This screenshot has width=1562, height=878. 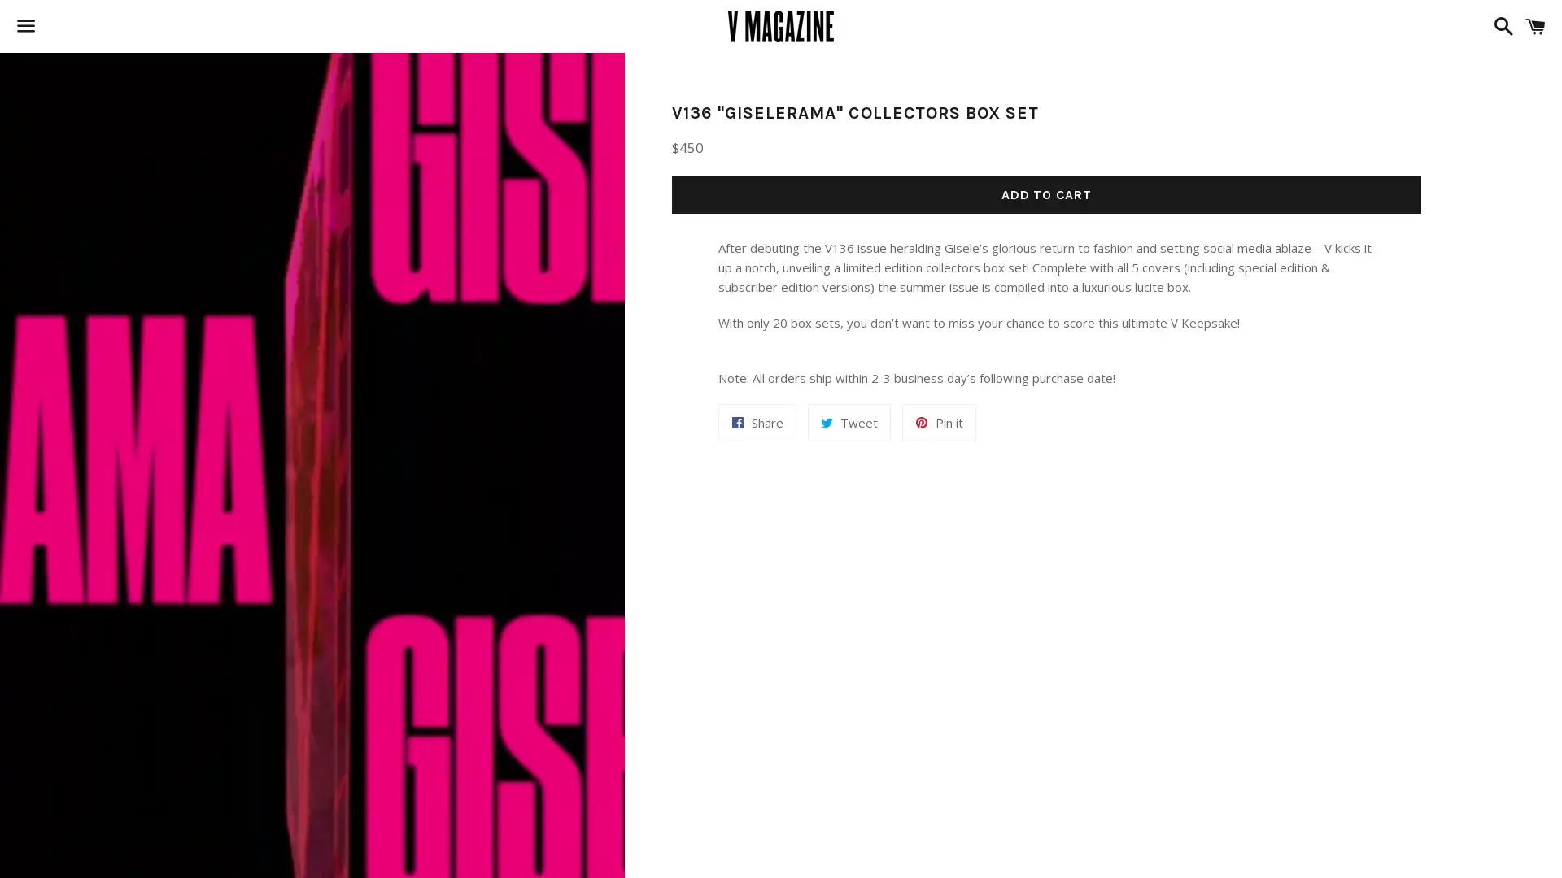 What do you see at coordinates (1046, 193) in the screenshot?
I see `ADD TO CART` at bounding box center [1046, 193].